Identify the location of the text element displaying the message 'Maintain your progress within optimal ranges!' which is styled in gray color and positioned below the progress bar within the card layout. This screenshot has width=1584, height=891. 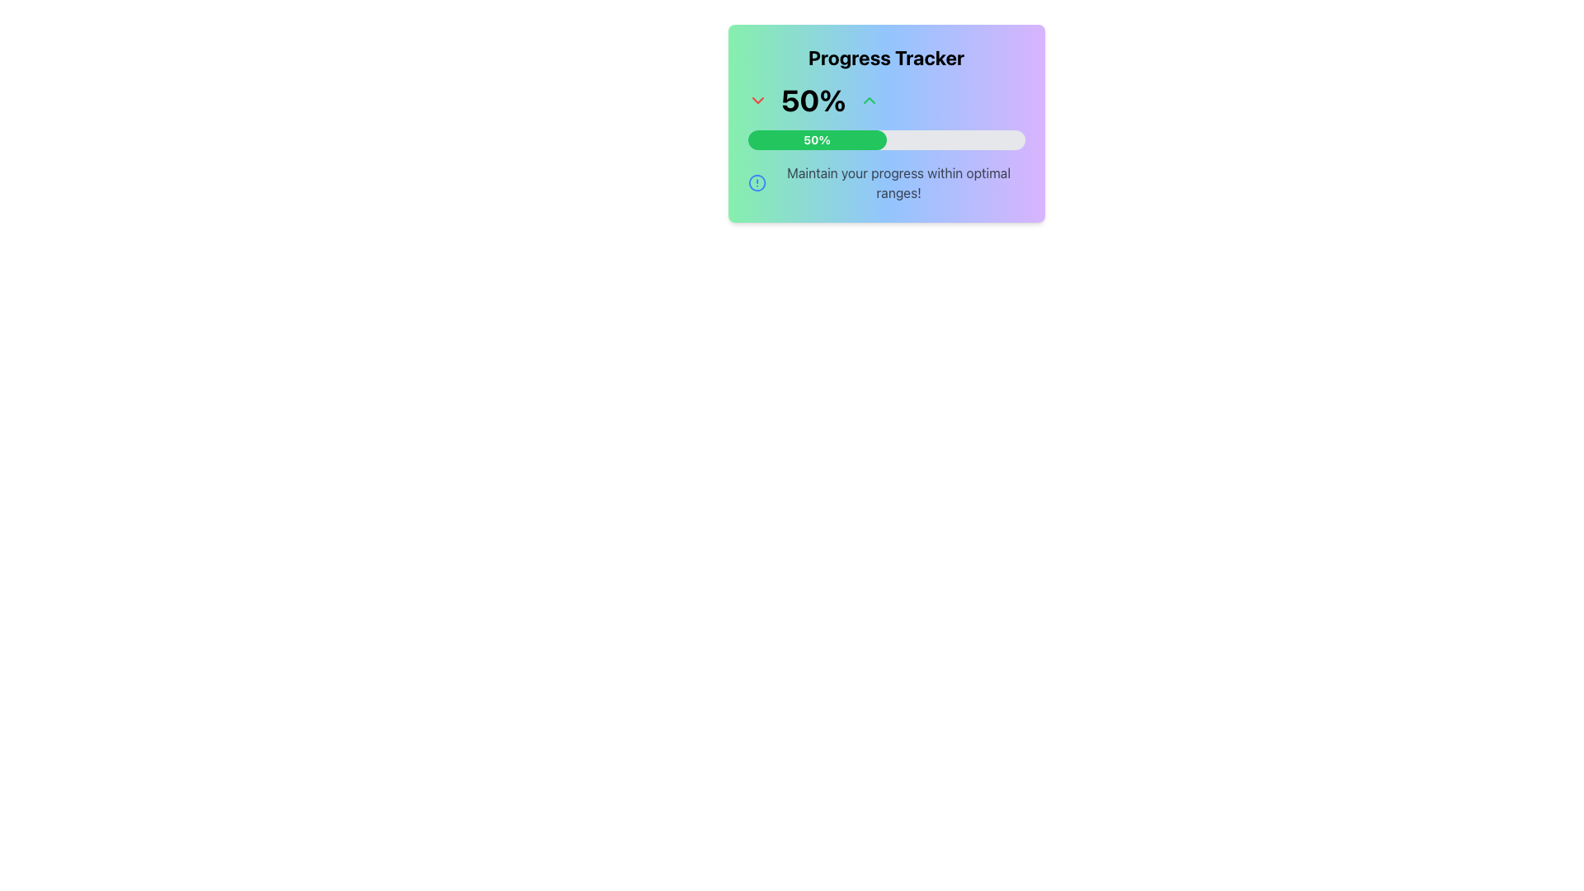
(898, 183).